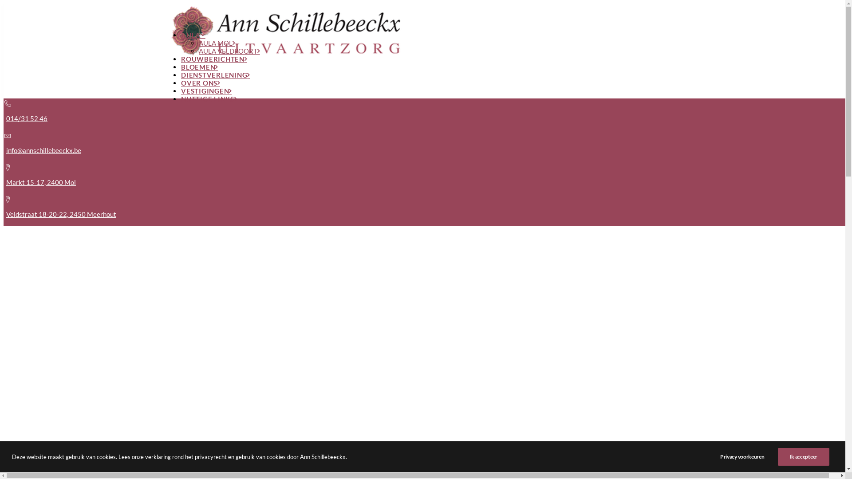 The height and width of the screenshot is (479, 852). Describe the element at coordinates (40, 182) in the screenshot. I see `'Markt 15-17, 2400 Mol'` at that location.